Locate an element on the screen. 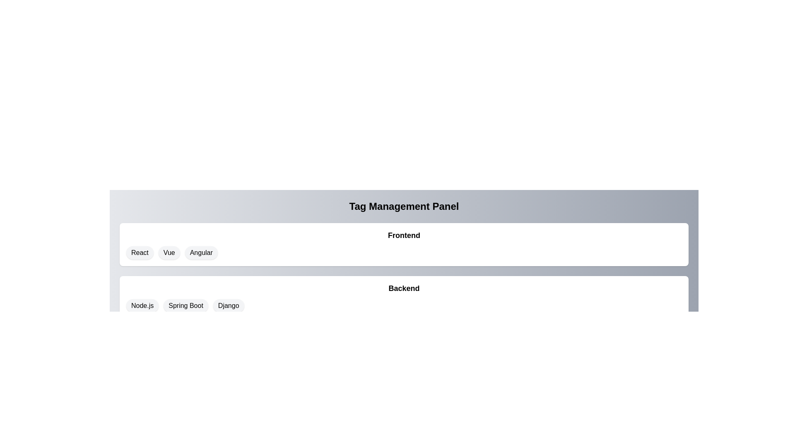 The image size is (795, 447). the 'React' button, which is the first button in the 'Frontend' section, located at the top-left corner of a group of buttons is located at coordinates (140, 252).